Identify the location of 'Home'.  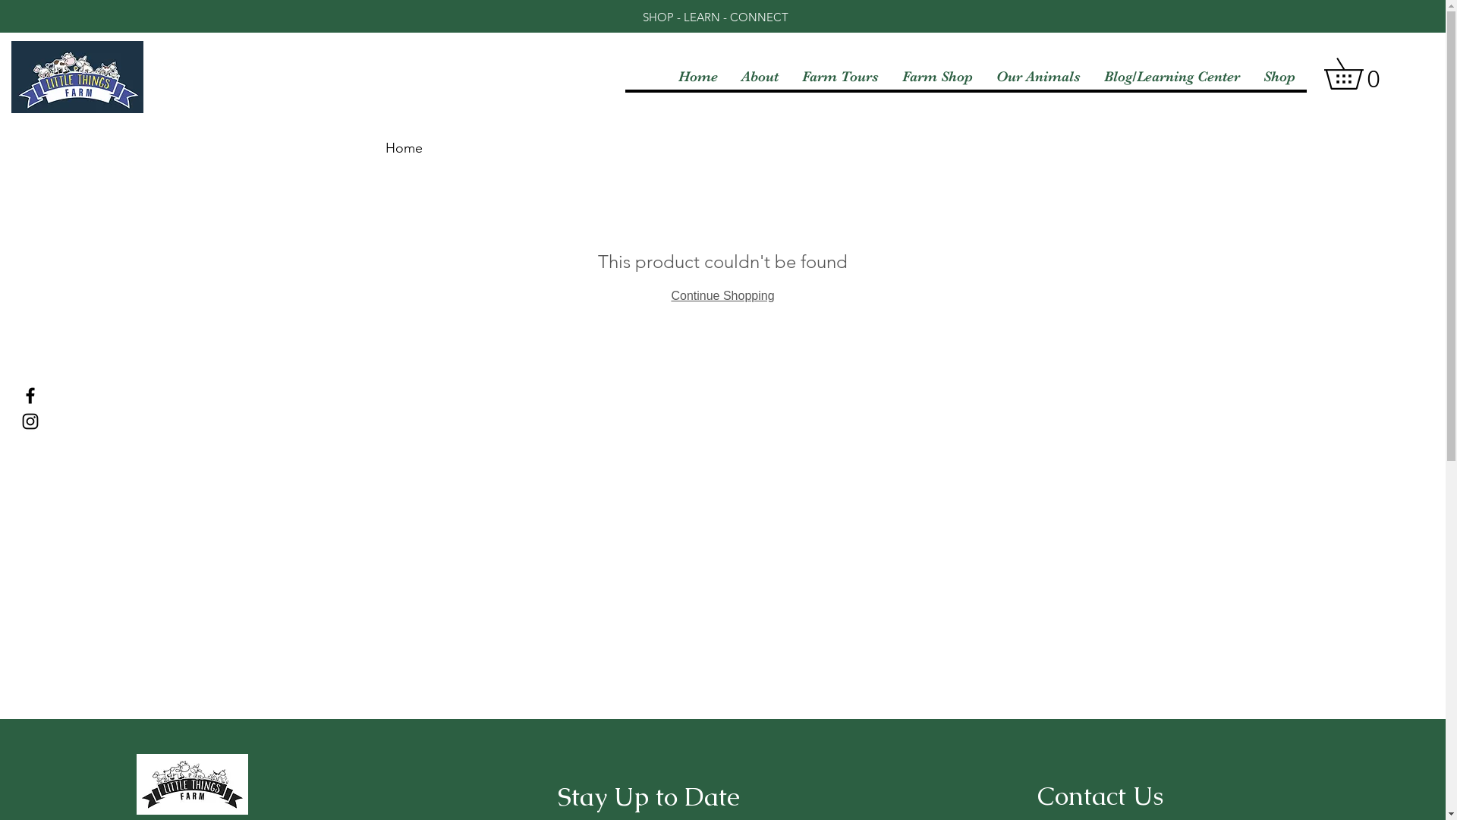
(697, 76).